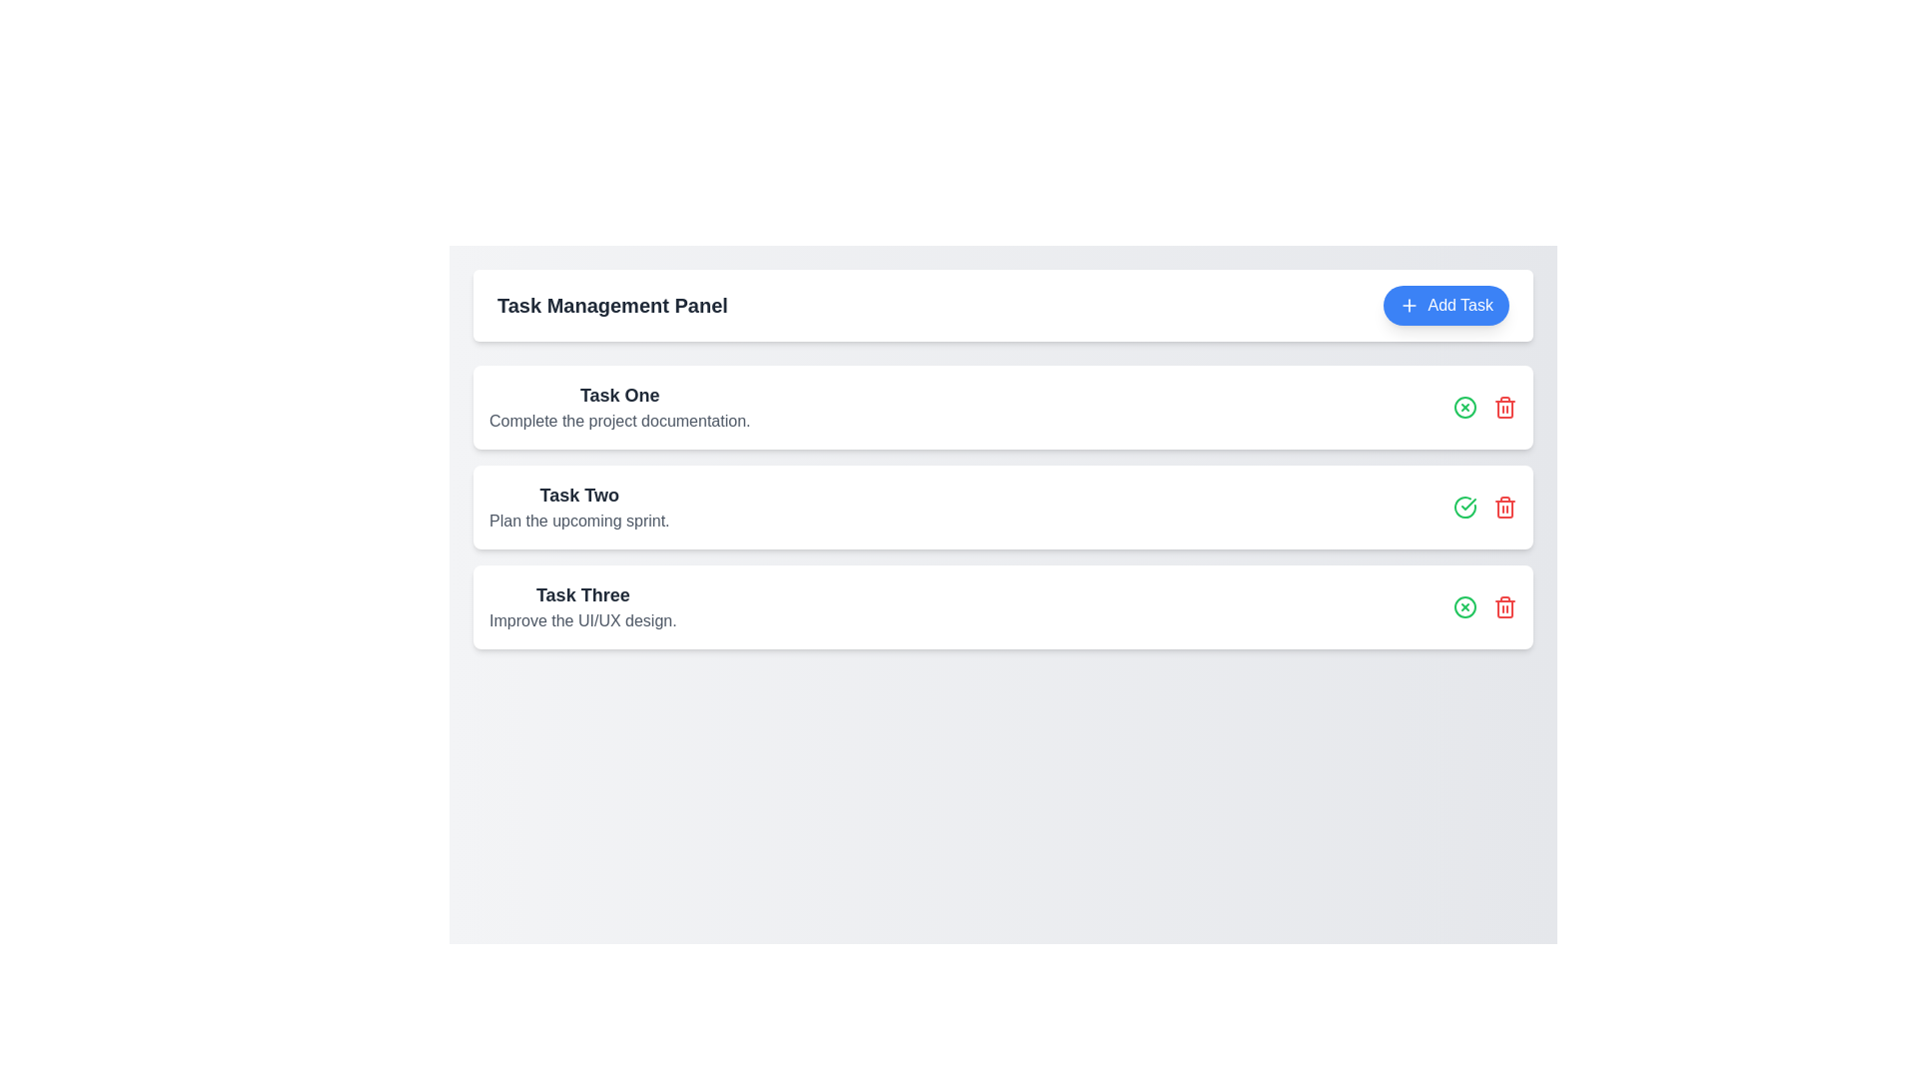  Describe the element at coordinates (1446, 305) in the screenshot. I see `the blue 'Add Task' button with rounded ends to observe its visual feedback` at that location.